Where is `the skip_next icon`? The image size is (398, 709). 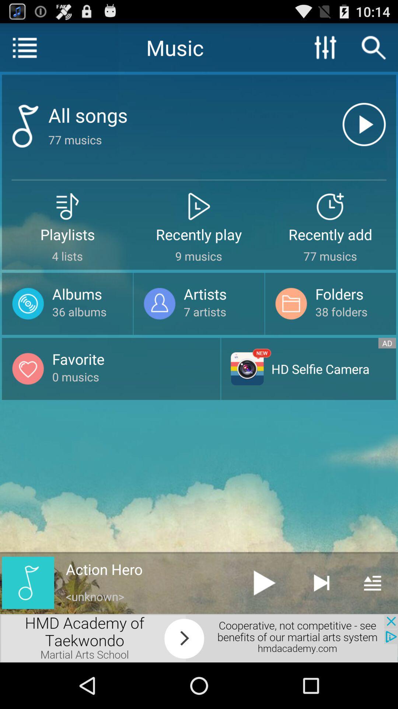
the skip_next icon is located at coordinates (321, 623).